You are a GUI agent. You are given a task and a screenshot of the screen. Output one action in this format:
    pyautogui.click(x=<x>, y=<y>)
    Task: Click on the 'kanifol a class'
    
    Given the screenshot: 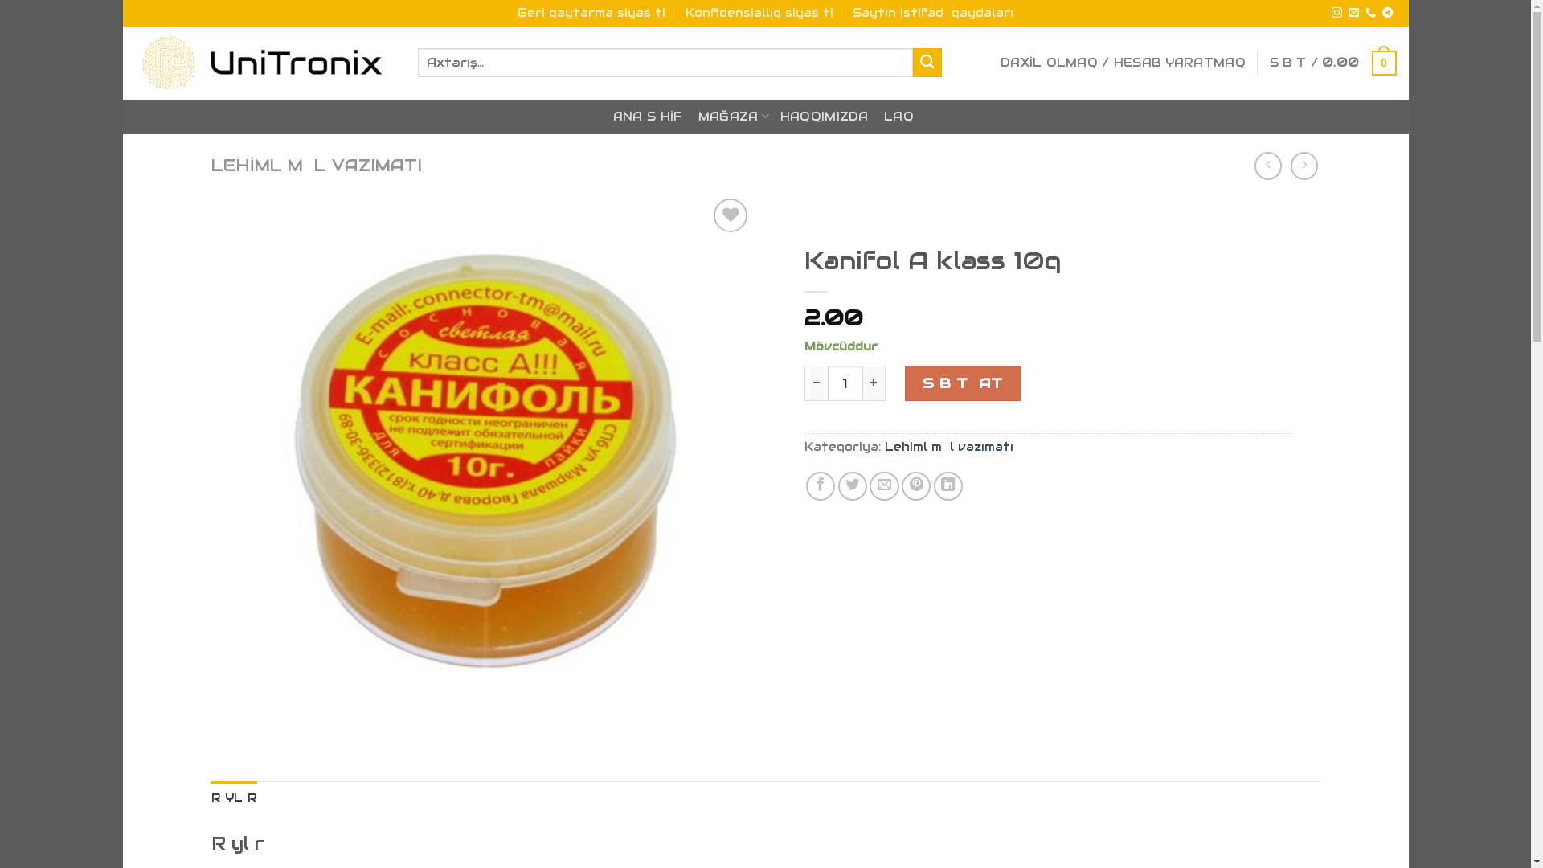 What is the action you would take?
    pyautogui.click(x=481, y=465)
    